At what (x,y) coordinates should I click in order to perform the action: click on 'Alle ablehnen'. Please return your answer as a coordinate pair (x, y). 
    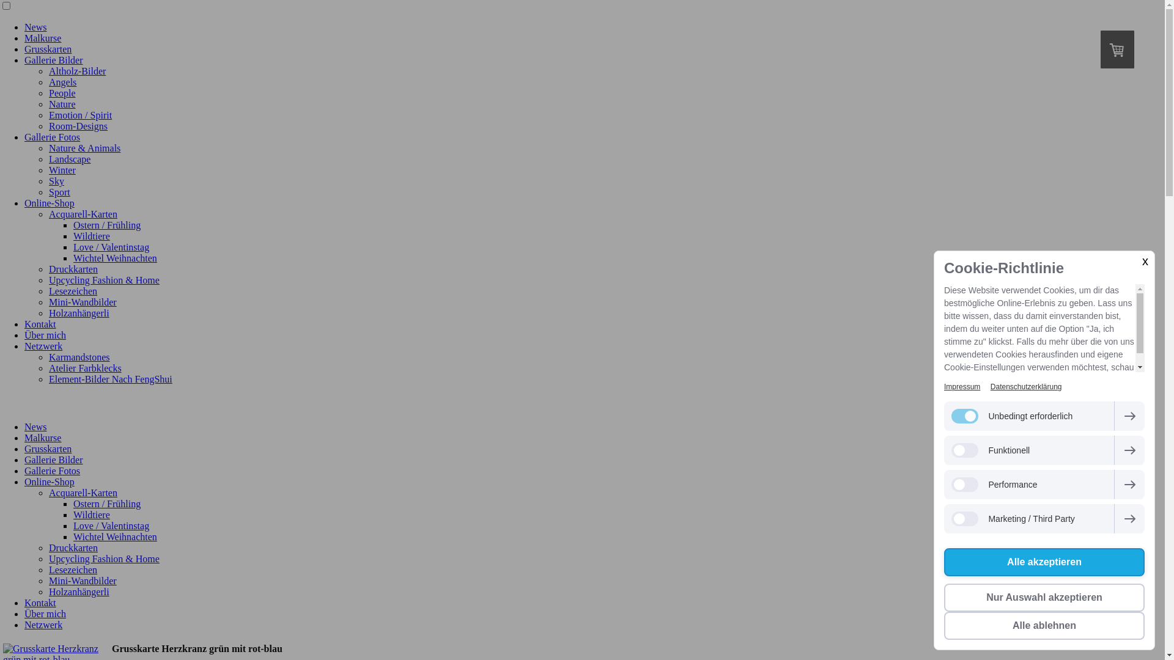
    Looking at the image, I should click on (1044, 625).